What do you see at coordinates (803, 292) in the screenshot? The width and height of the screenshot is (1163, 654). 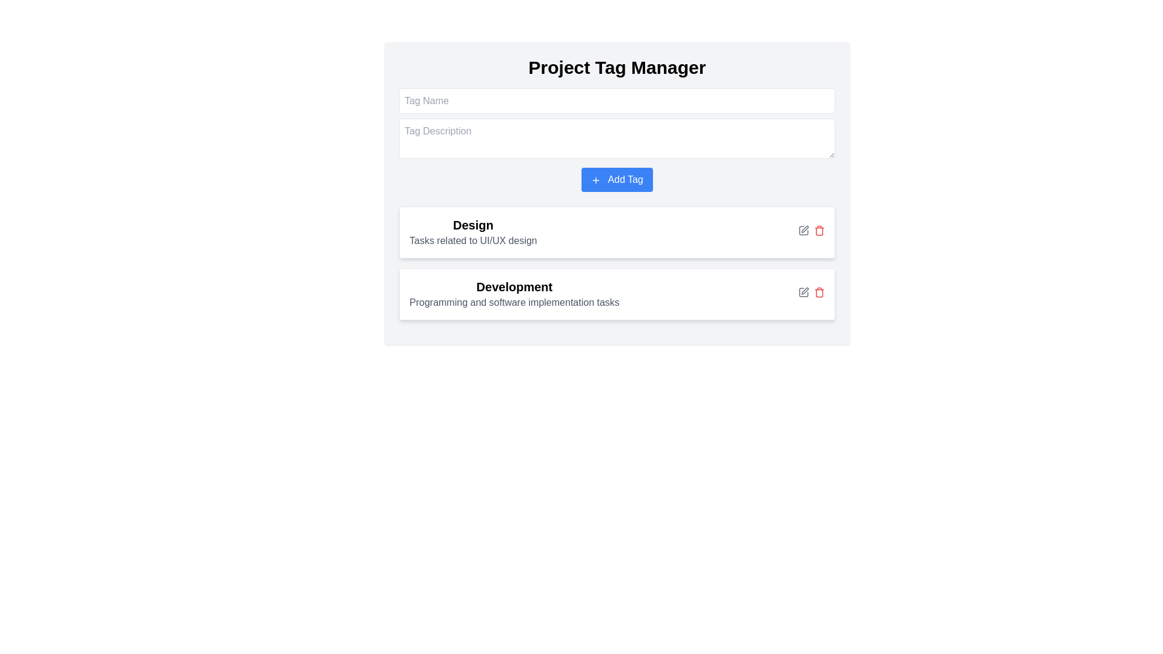 I see `the gray square icon button resembling a pen or pencil, located to the right of the 'Design' text` at bounding box center [803, 292].